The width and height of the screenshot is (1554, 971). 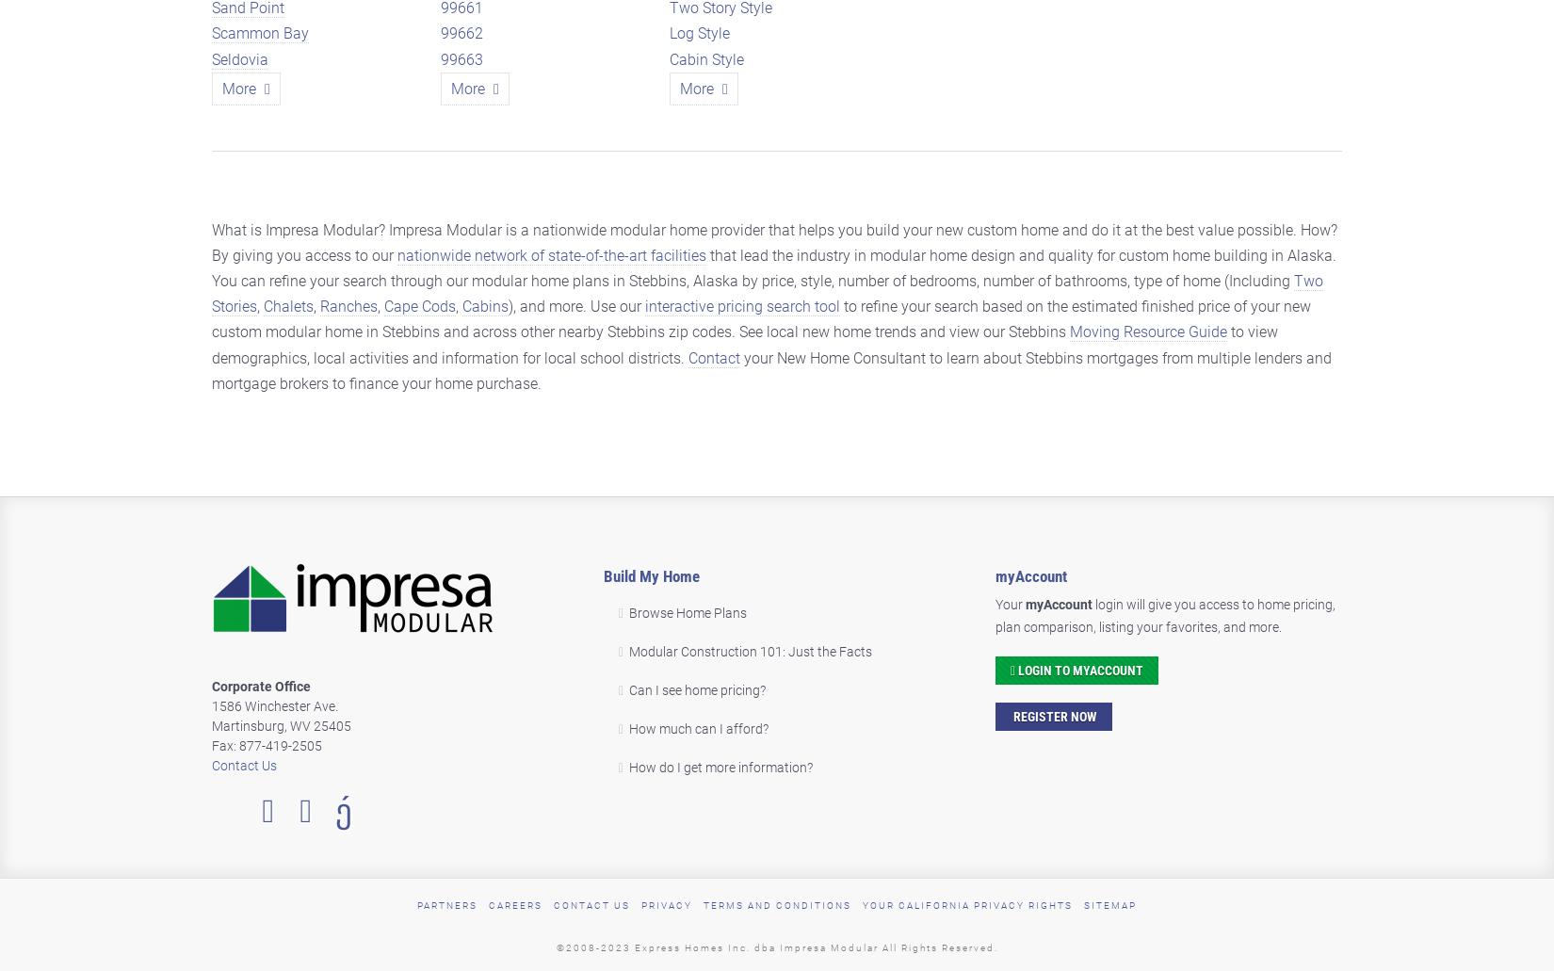 I want to click on 'Sitemap', so click(x=1109, y=903).